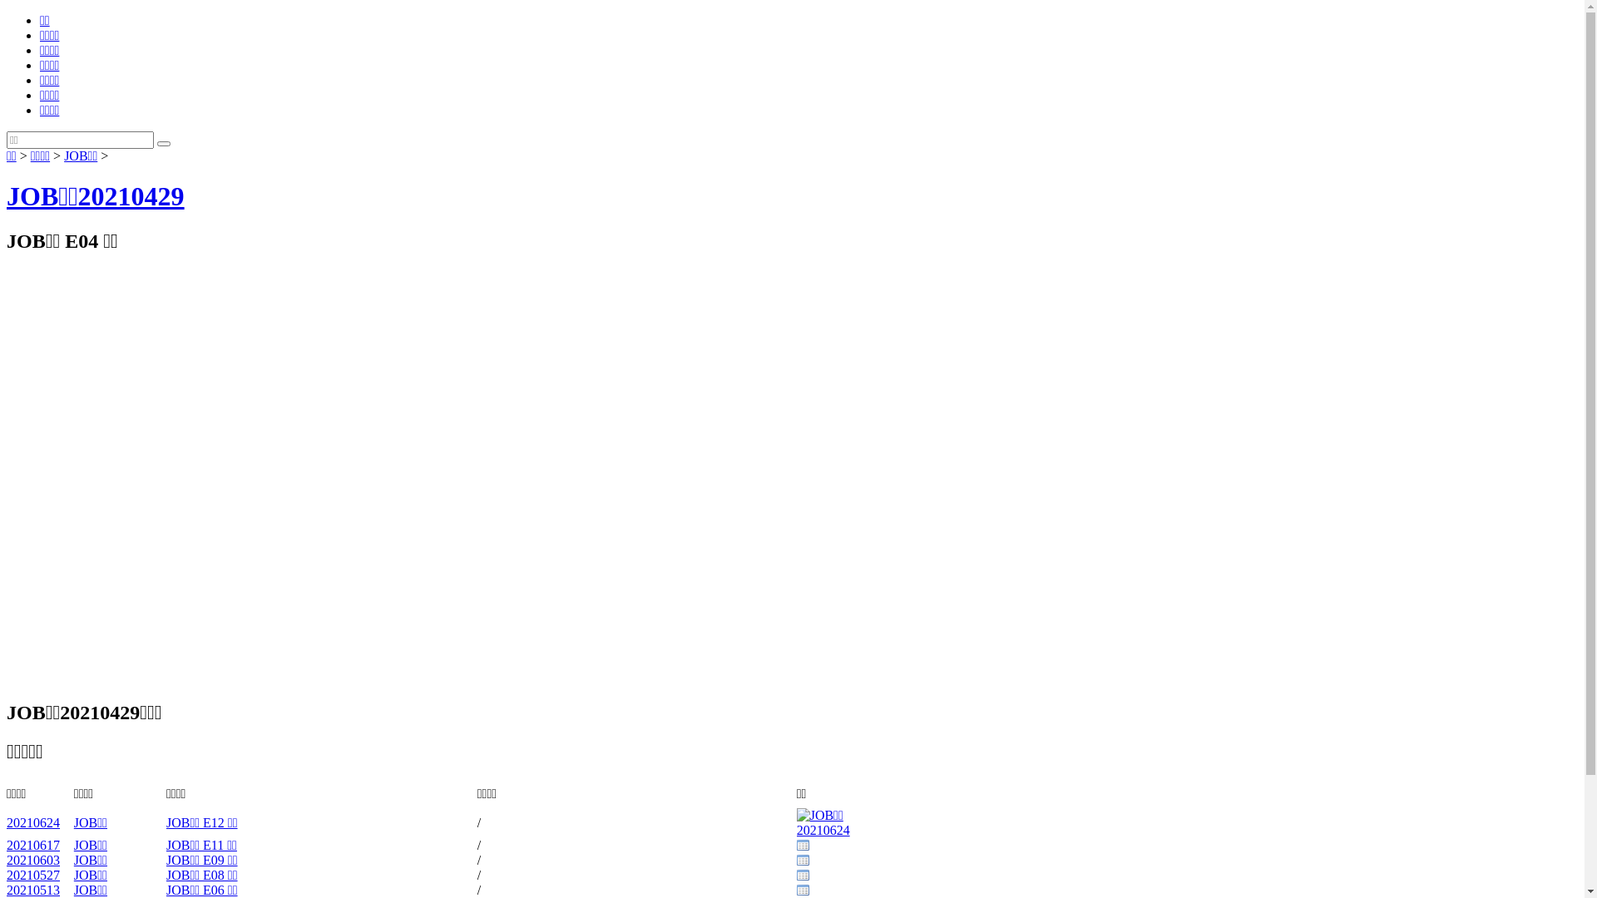 The width and height of the screenshot is (1597, 898). I want to click on '/', so click(478, 821).